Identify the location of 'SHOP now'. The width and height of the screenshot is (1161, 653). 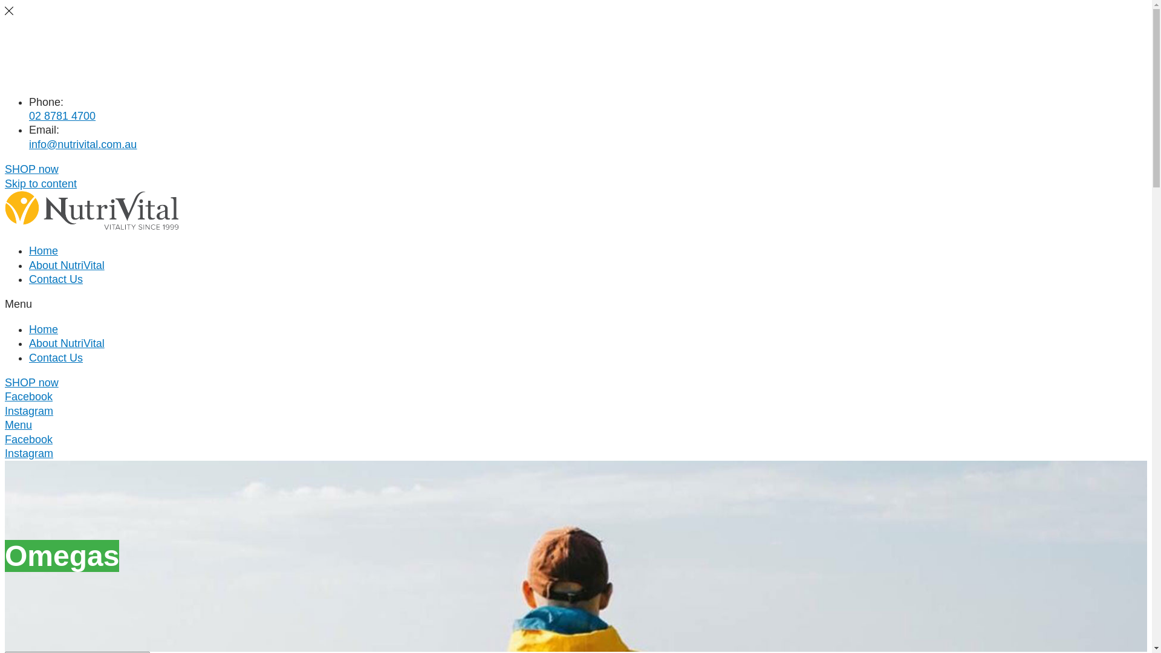
(31, 382).